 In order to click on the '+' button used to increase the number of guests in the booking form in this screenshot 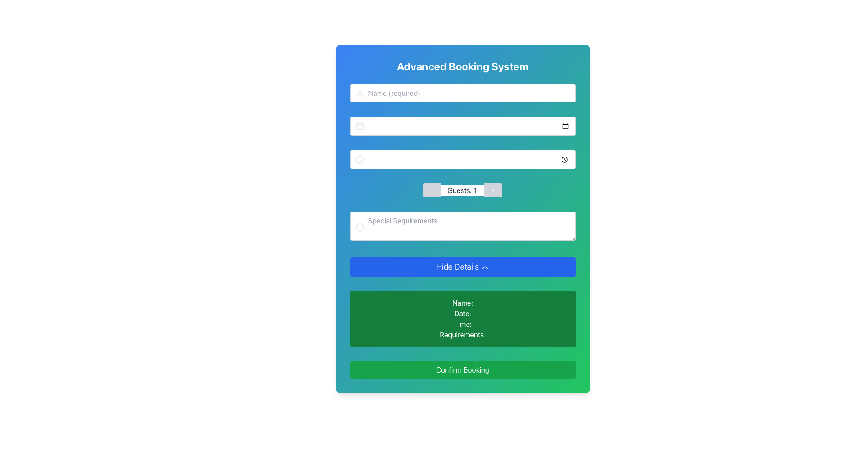, I will do `click(493, 190)`.